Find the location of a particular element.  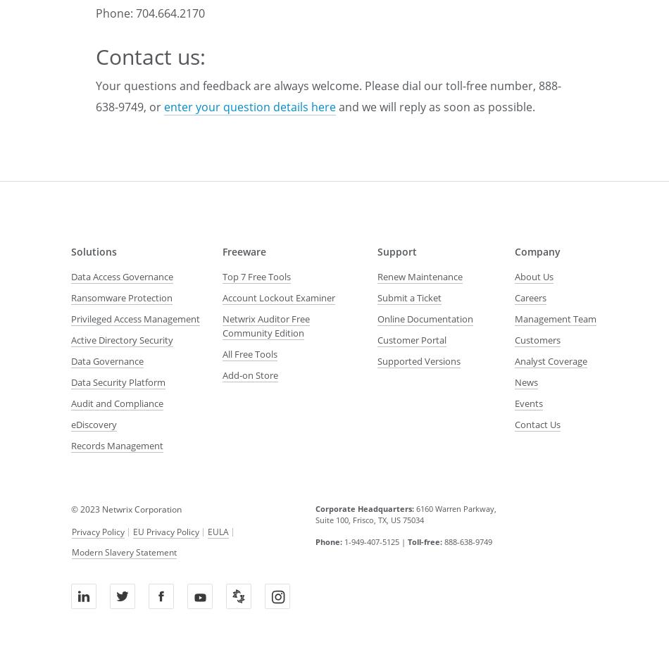

'Data Governance' is located at coordinates (107, 360).